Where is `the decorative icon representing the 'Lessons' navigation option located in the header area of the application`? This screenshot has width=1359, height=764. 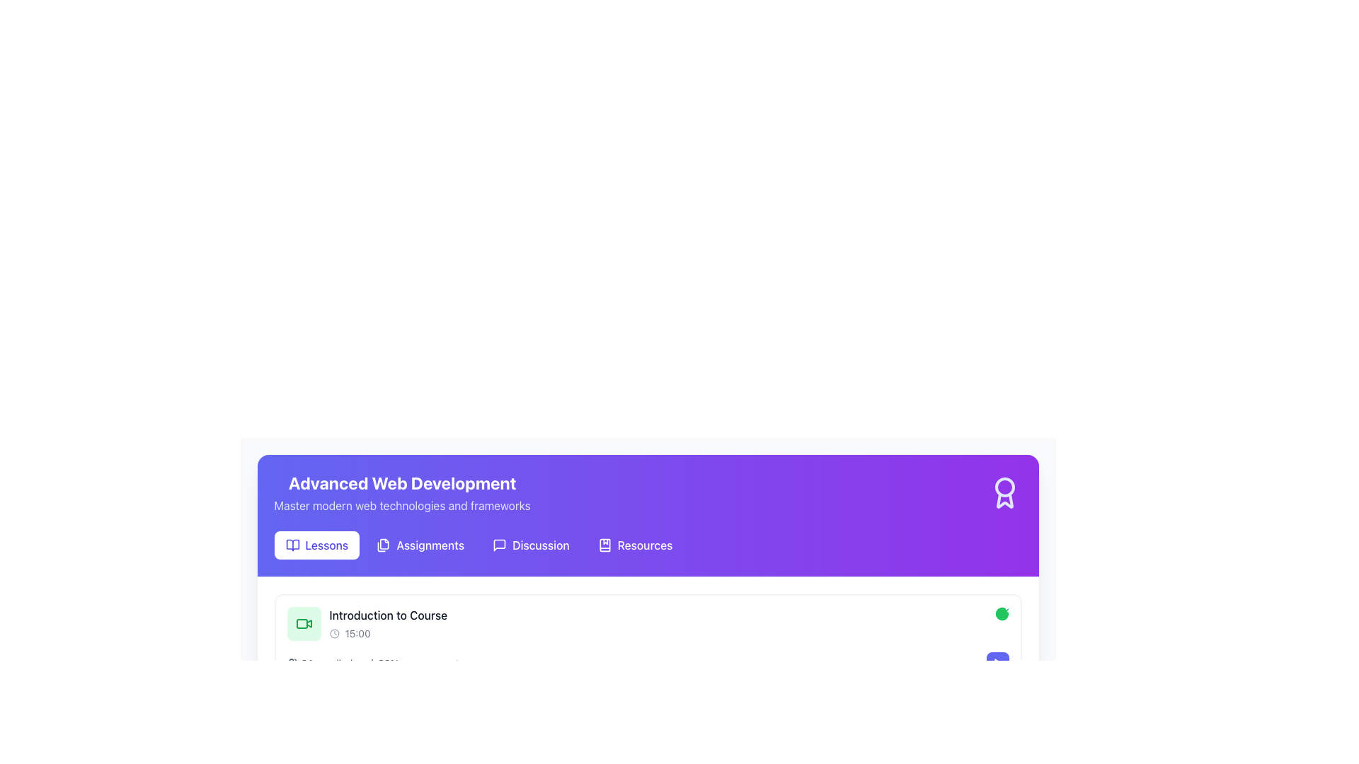 the decorative icon representing the 'Lessons' navigation option located in the header area of the application is located at coordinates (292, 545).